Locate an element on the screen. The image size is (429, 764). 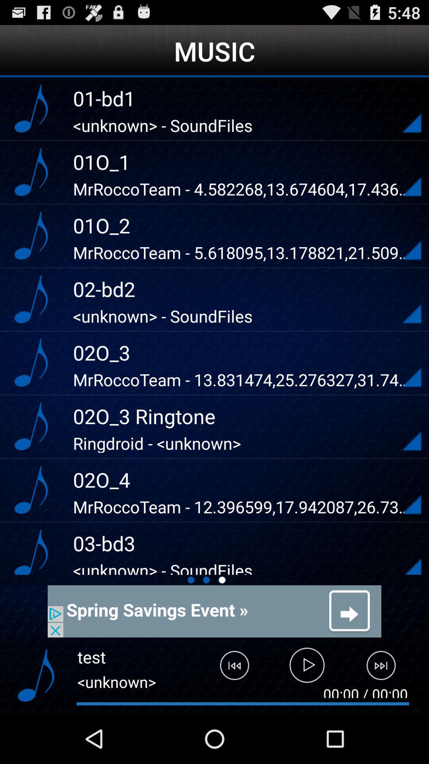
the skip_next icon is located at coordinates (386, 716).